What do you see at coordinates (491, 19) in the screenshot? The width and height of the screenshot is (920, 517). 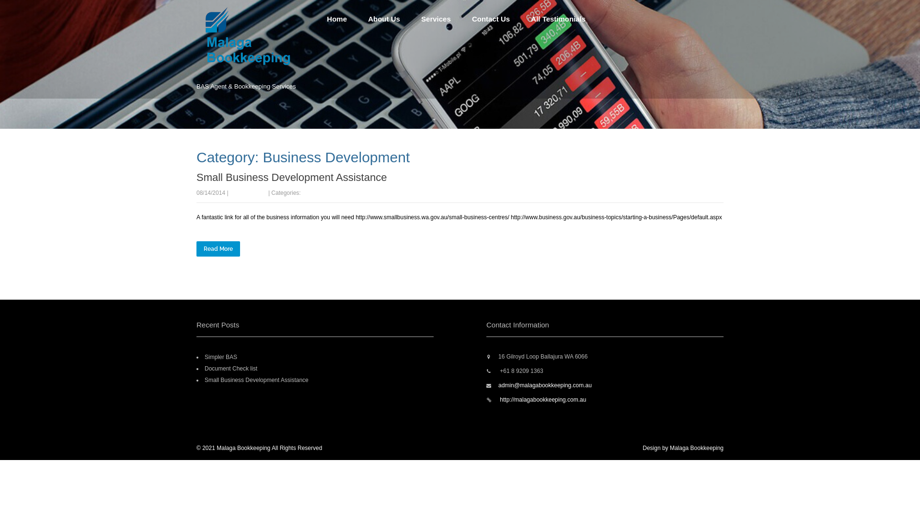 I see `'Contact Us'` at bounding box center [491, 19].